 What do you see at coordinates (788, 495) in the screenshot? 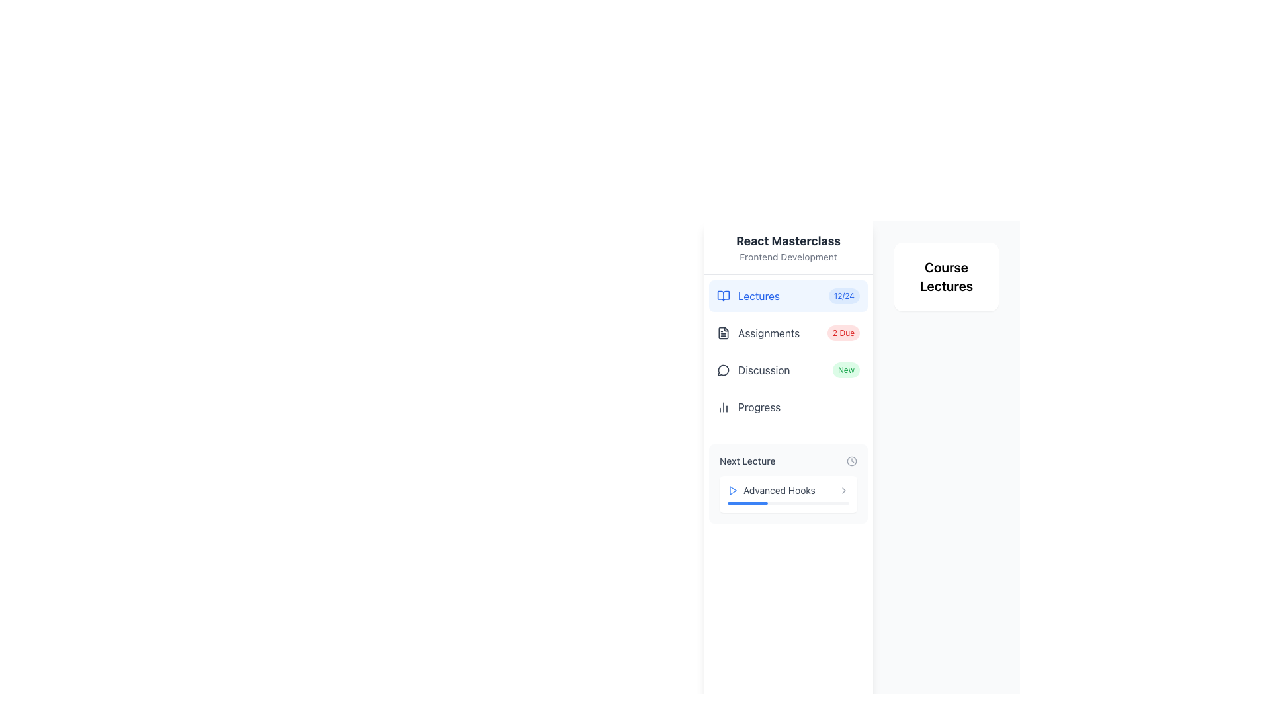
I see `the 'Advanced Hooks' button-like card element located in the 'Next Lecture' section` at bounding box center [788, 495].